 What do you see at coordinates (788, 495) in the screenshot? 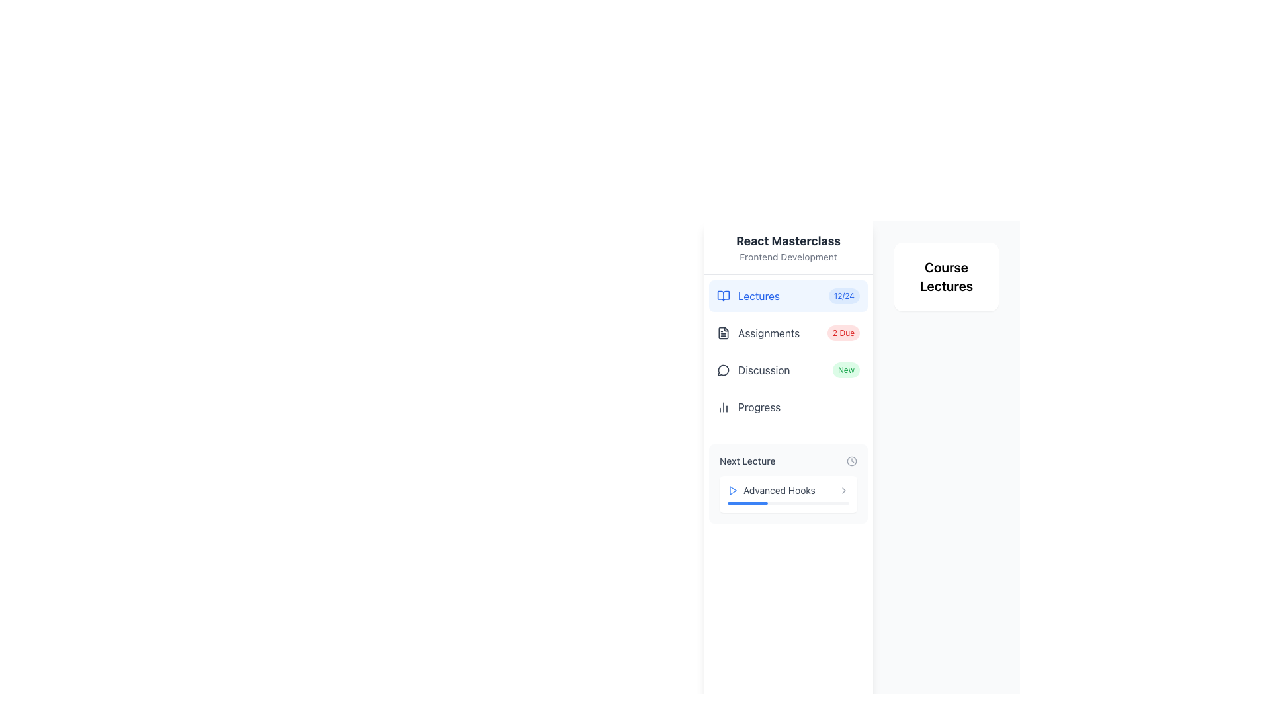
I see `the 'Advanced Hooks' button-like card element located in the 'Next Lecture' section` at bounding box center [788, 495].